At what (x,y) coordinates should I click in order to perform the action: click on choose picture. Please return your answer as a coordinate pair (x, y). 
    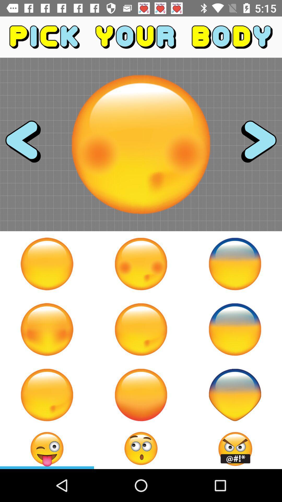
    Looking at the image, I should click on (141, 264).